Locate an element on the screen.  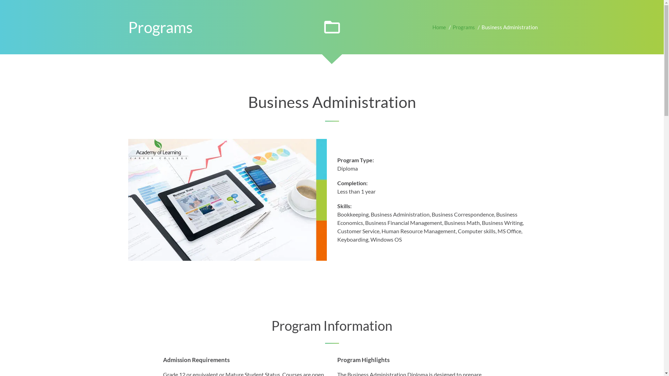
'Home' is located at coordinates (438, 26).